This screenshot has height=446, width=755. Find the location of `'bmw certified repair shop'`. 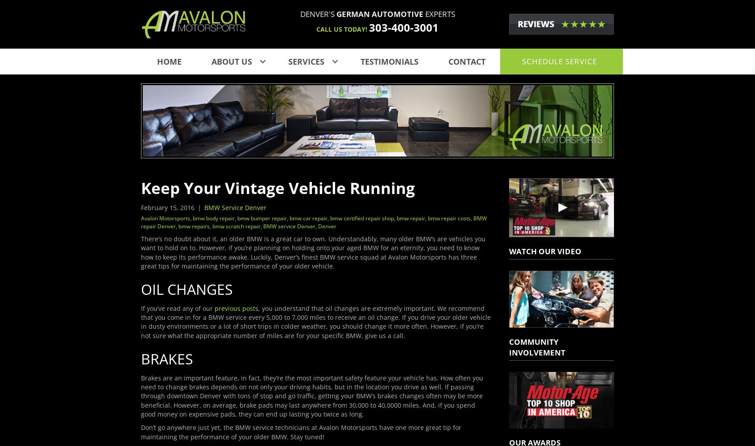

'bmw certified repair shop' is located at coordinates (362, 218).